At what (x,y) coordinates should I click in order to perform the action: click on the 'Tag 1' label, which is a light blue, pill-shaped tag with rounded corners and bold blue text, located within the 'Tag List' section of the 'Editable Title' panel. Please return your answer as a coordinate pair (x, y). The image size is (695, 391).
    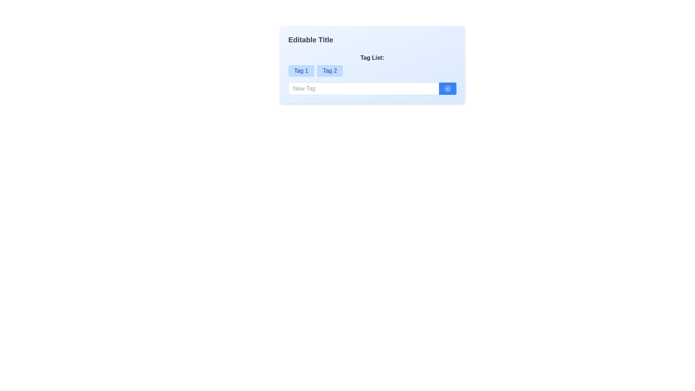
    Looking at the image, I should click on (301, 71).